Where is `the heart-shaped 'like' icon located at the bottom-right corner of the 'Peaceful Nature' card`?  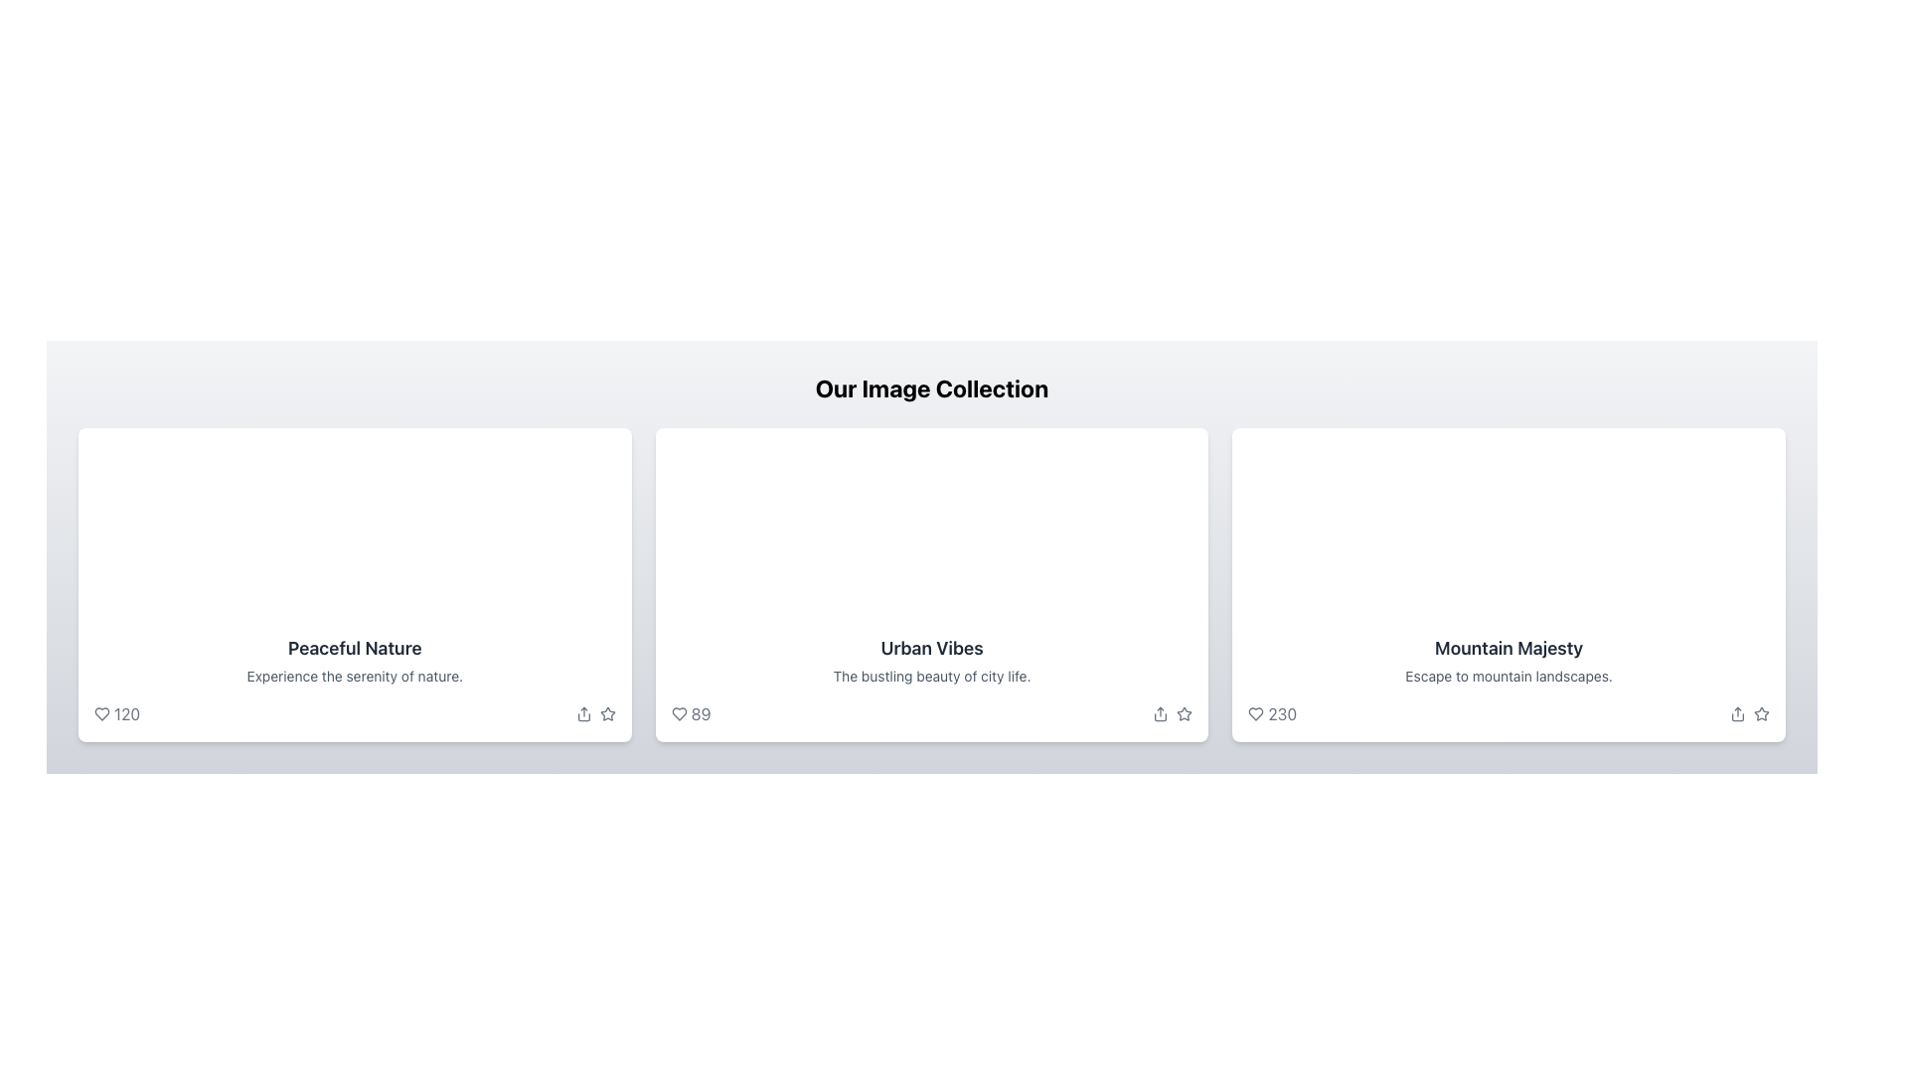
the heart-shaped 'like' icon located at the bottom-right corner of the 'Peaceful Nature' card is located at coordinates (100, 712).